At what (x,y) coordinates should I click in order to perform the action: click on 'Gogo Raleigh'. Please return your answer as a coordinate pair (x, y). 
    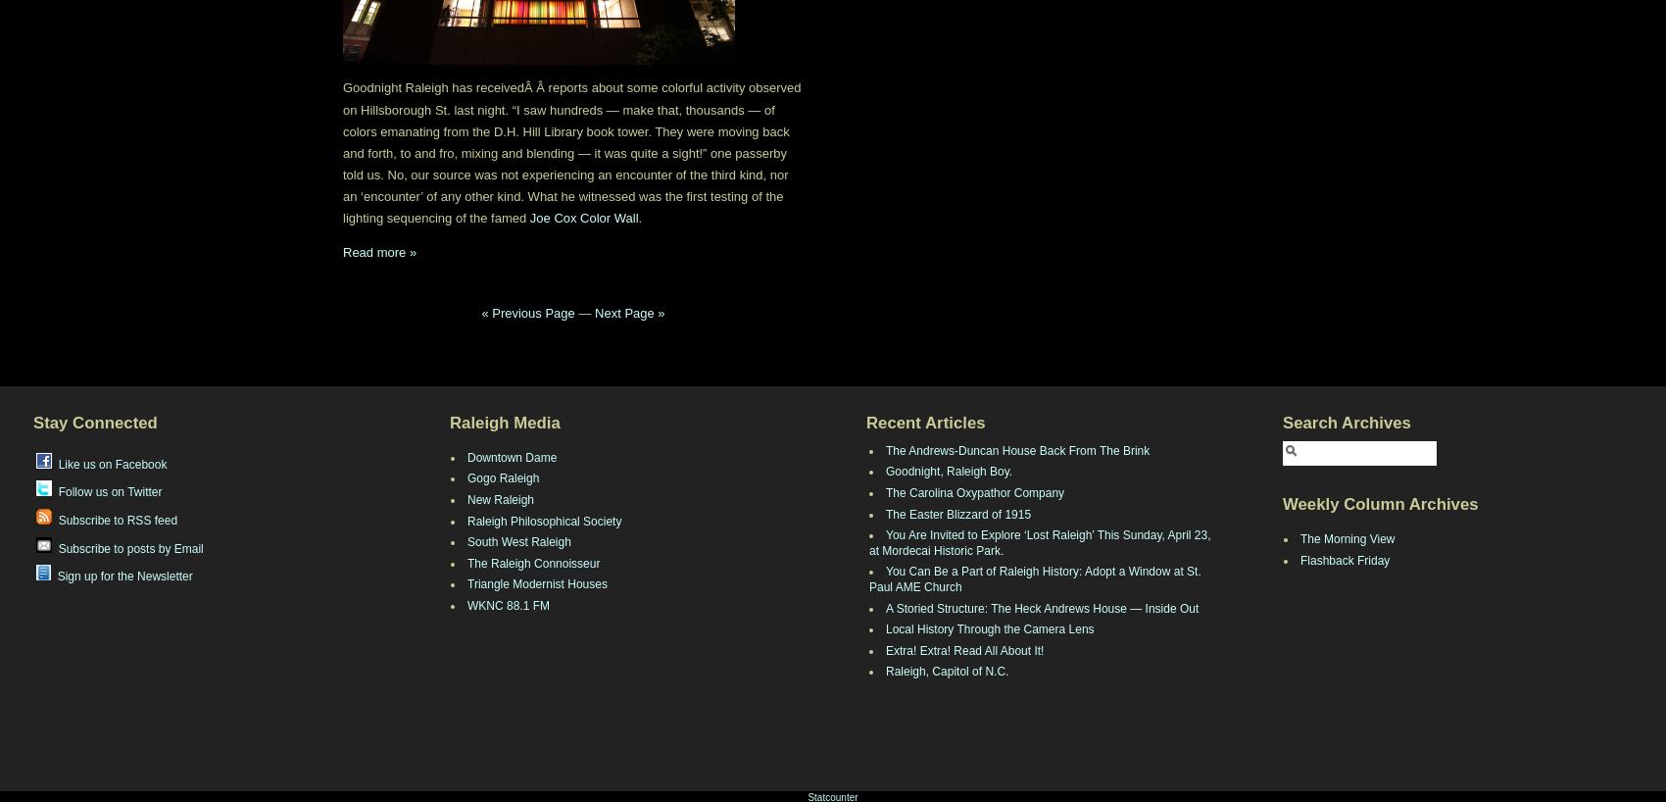
    Looking at the image, I should click on (503, 478).